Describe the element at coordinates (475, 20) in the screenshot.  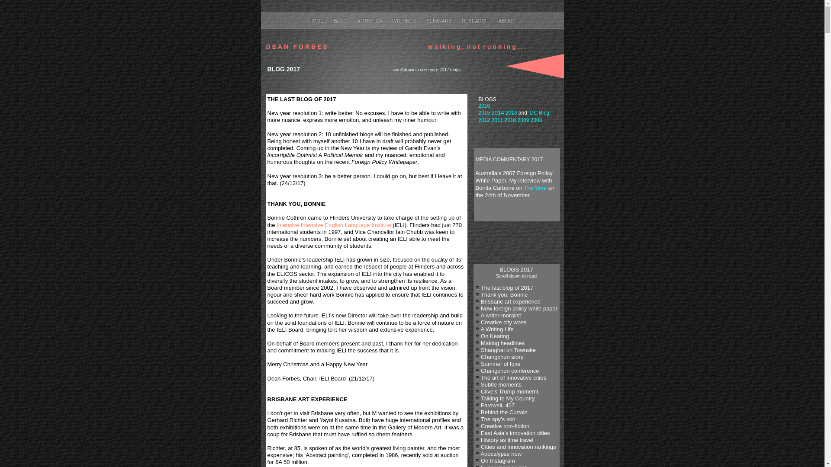
I see `'RESEARCH'` at that location.